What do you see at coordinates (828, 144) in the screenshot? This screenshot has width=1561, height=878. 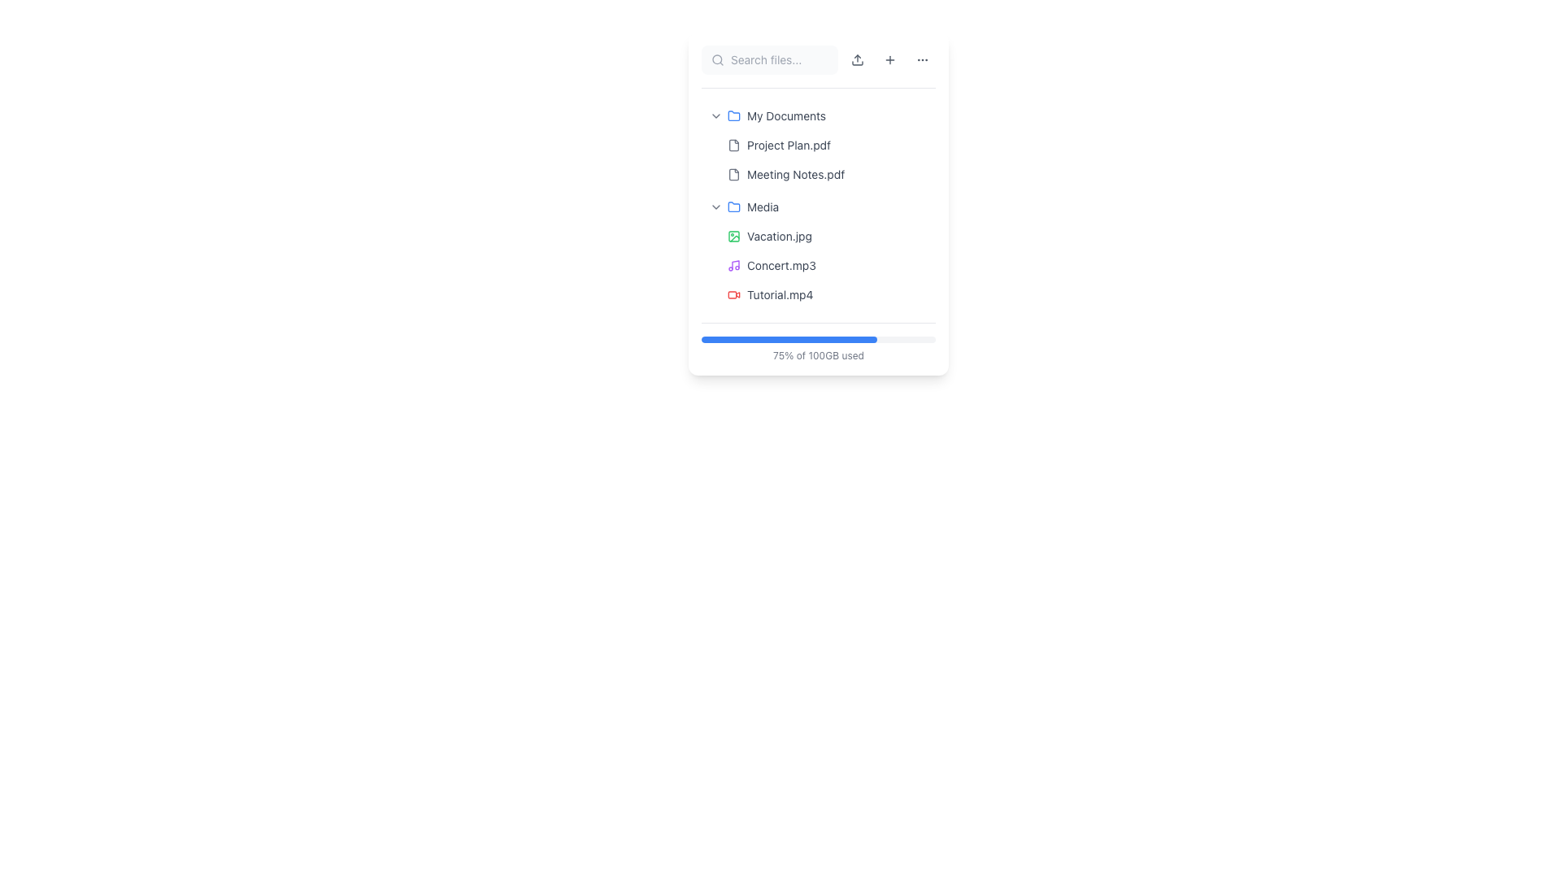 I see `on the 'Project Plan.pdf' file item located as the first item in the list under 'My Documents'` at bounding box center [828, 144].